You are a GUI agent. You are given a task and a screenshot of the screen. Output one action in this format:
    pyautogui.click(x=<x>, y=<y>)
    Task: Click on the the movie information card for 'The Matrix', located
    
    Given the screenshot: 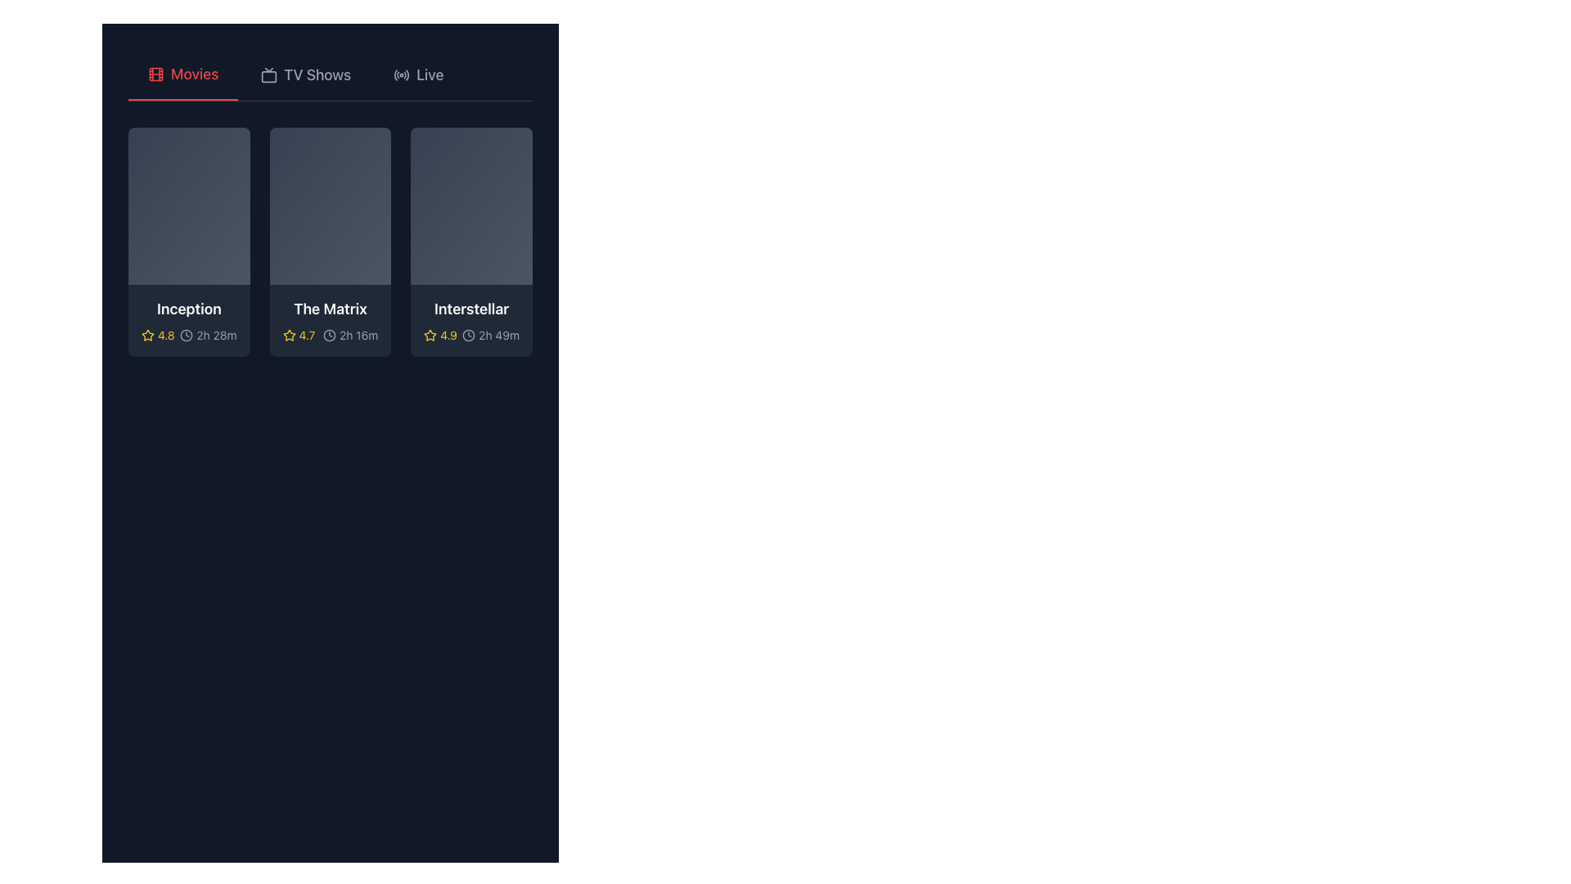 What is the action you would take?
    pyautogui.click(x=329, y=242)
    